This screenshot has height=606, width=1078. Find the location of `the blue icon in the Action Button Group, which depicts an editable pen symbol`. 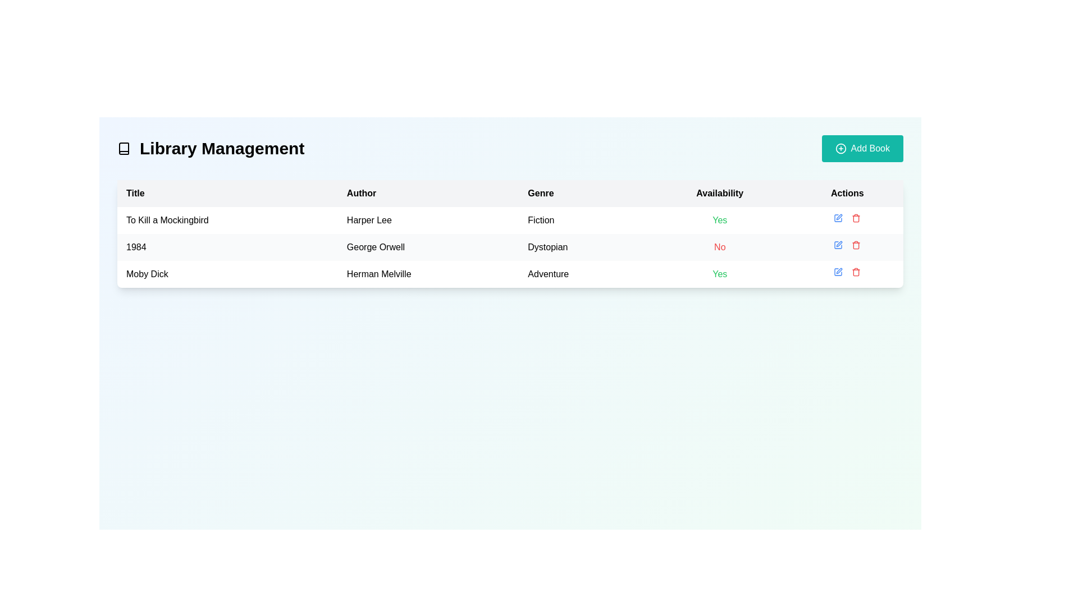

the blue icon in the Action Button Group, which depicts an editable pen symbol is located at coordinates (847, 218).